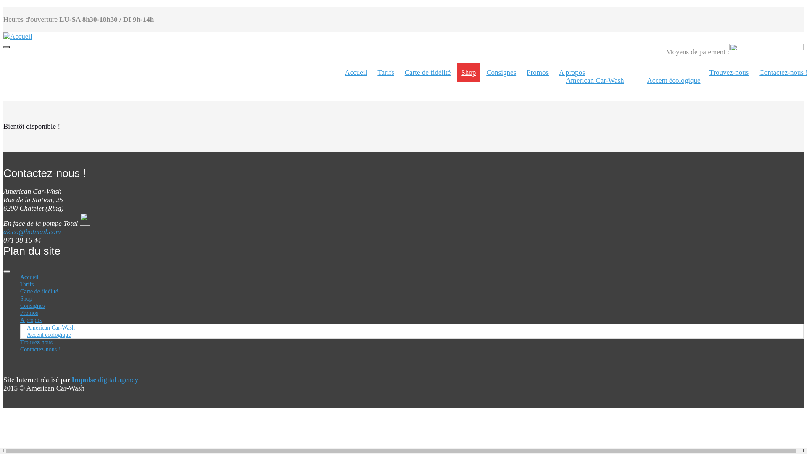  What do you see at coordinates (32, 232) in the screenshot?
I see `'ak.co@hotmail.com'` at bounding box center [32, 232].